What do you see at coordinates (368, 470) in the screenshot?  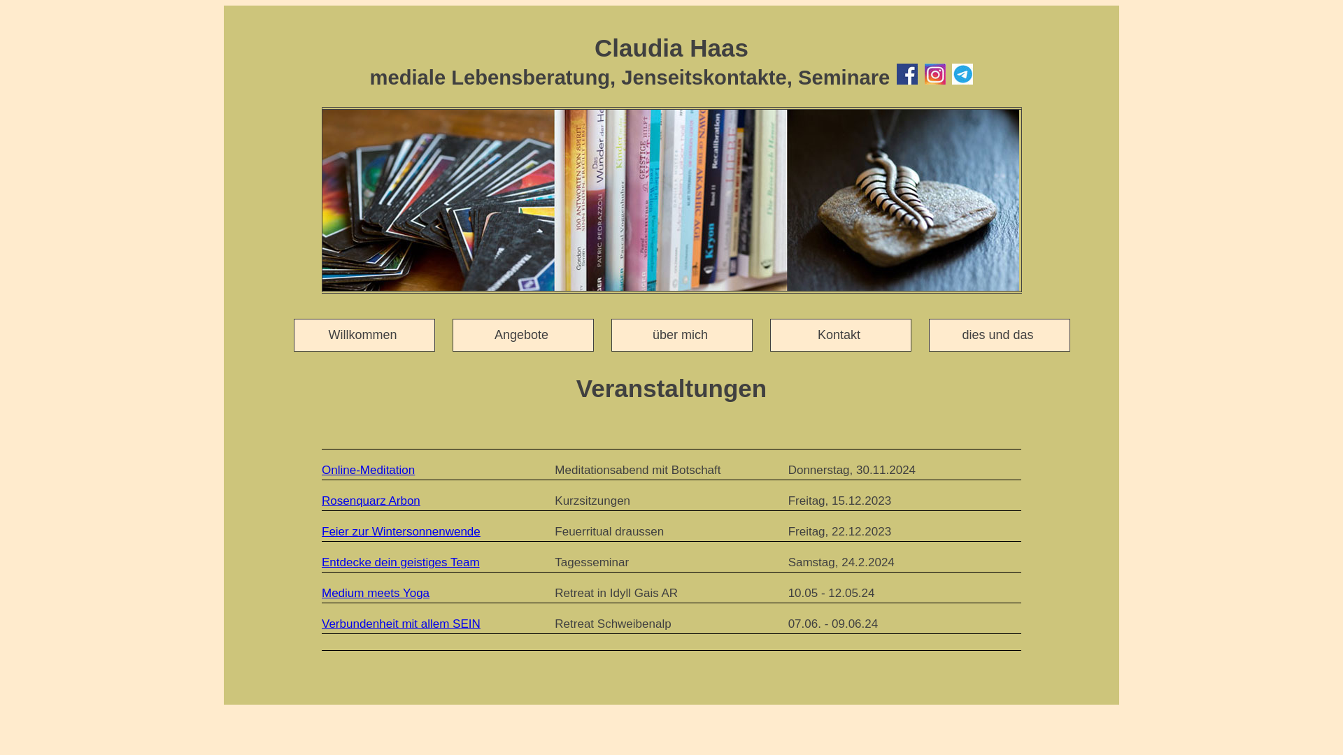 I see `'Online-Meditation'` at bounding box center [368, 470].